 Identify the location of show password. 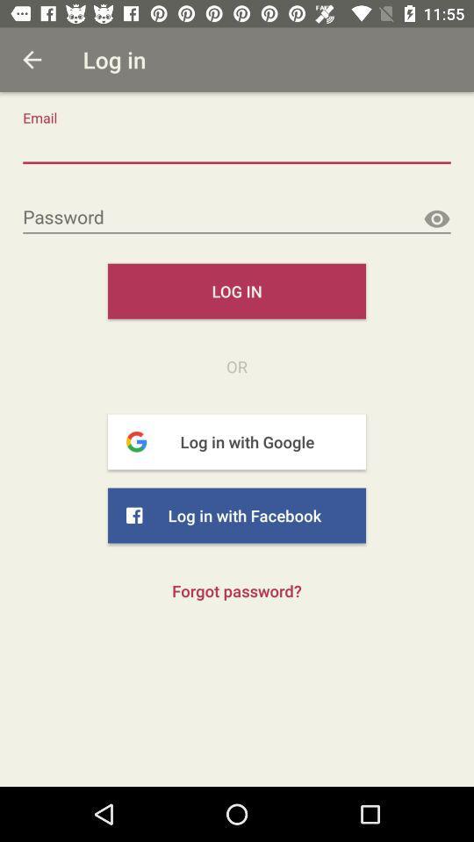
(435, 218).